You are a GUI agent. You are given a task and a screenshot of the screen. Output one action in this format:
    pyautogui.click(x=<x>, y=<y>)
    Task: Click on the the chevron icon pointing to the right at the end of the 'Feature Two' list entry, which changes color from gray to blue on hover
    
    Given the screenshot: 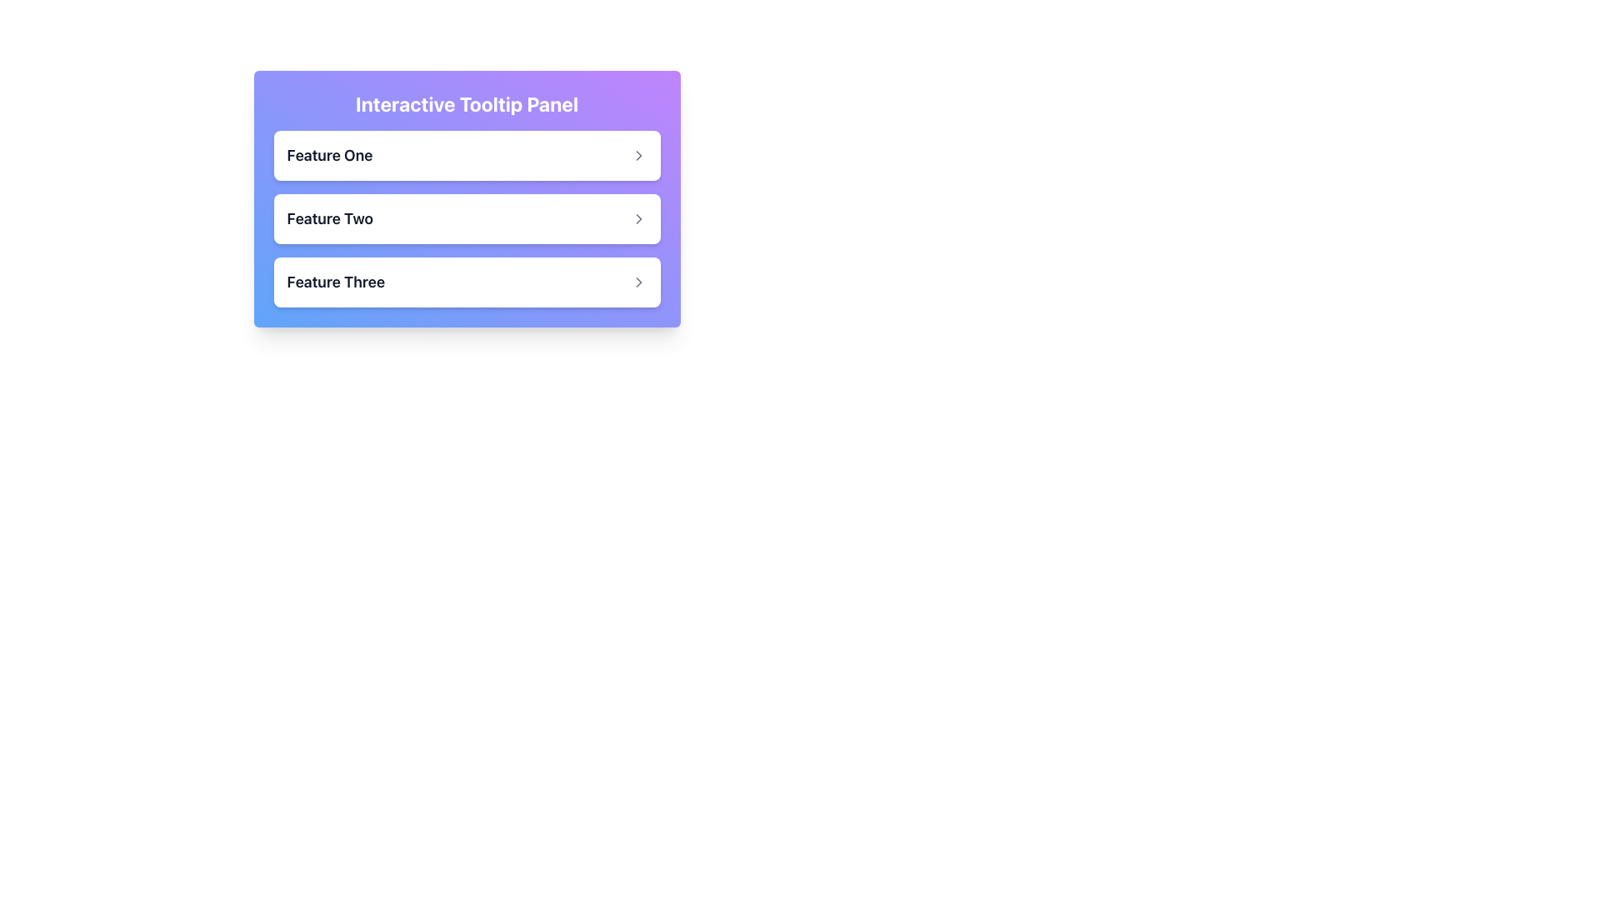 What is the action you would take?
    pyautogui.click(x=637, y=217)
    